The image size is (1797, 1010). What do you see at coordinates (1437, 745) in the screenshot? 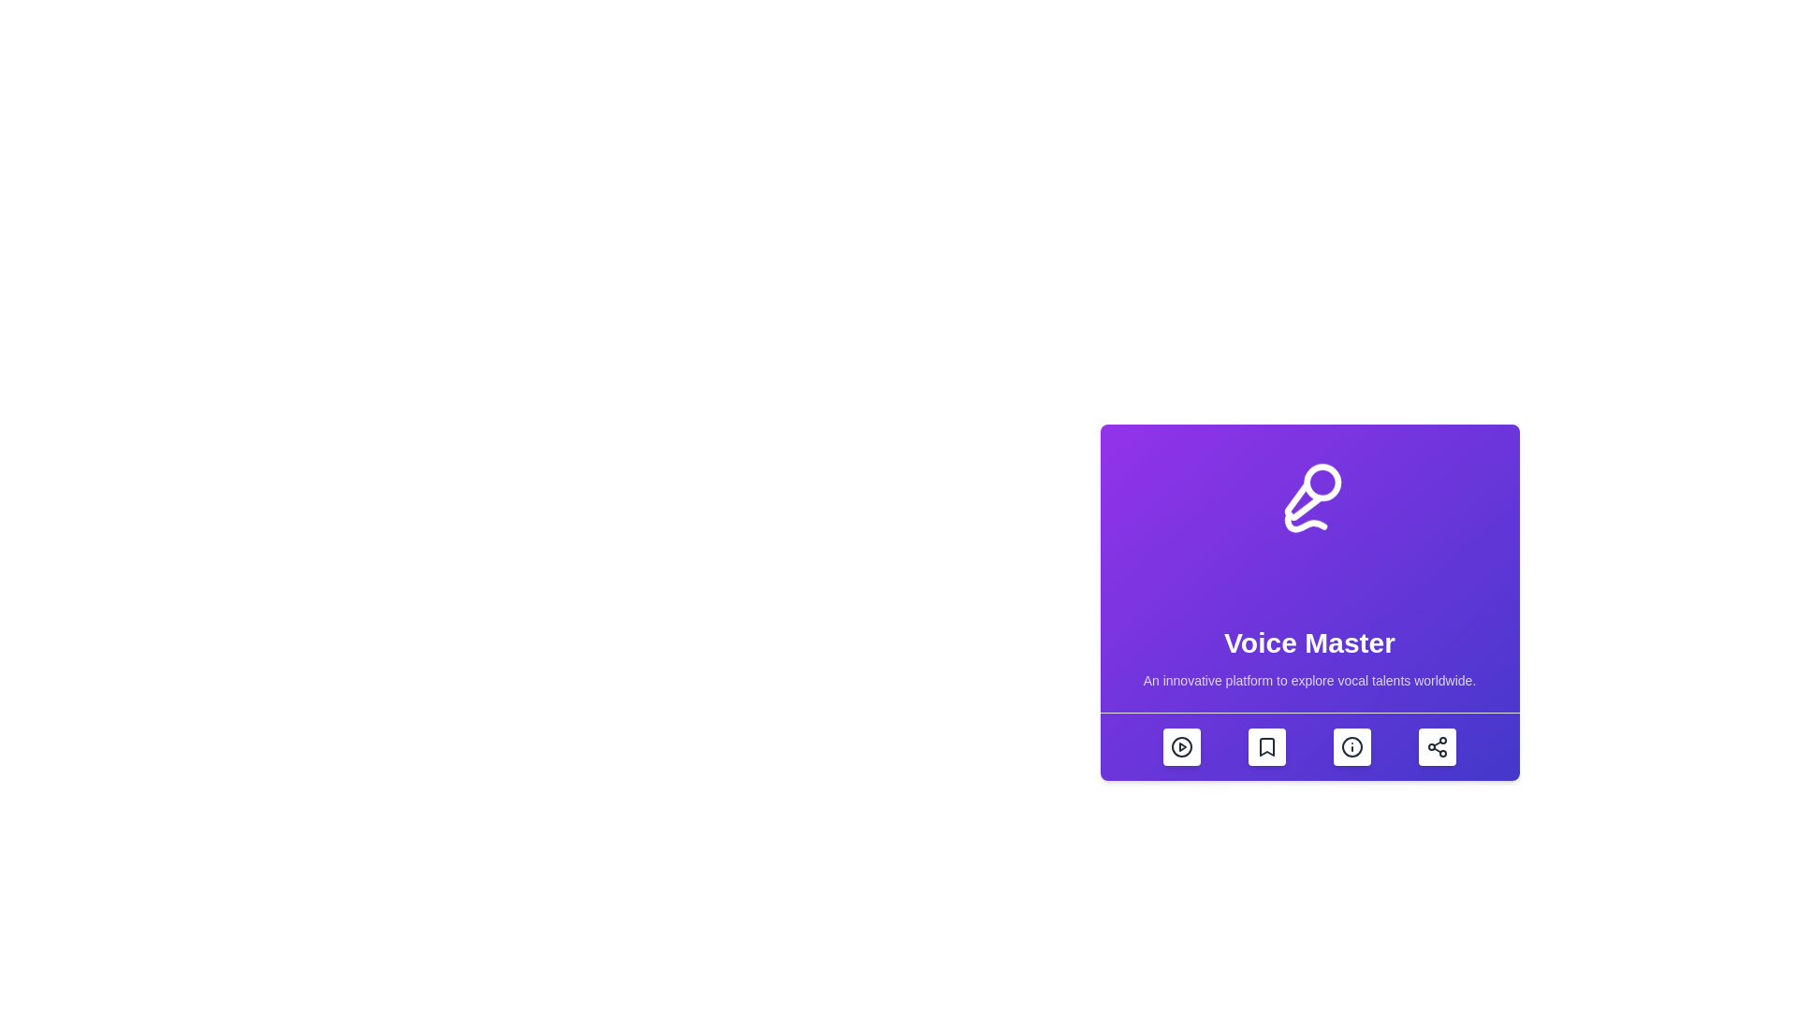
I see `the sharing button for the 'Voice Master' feature located at the bottom edge of the purple card` at bounding box center [1437, 745].